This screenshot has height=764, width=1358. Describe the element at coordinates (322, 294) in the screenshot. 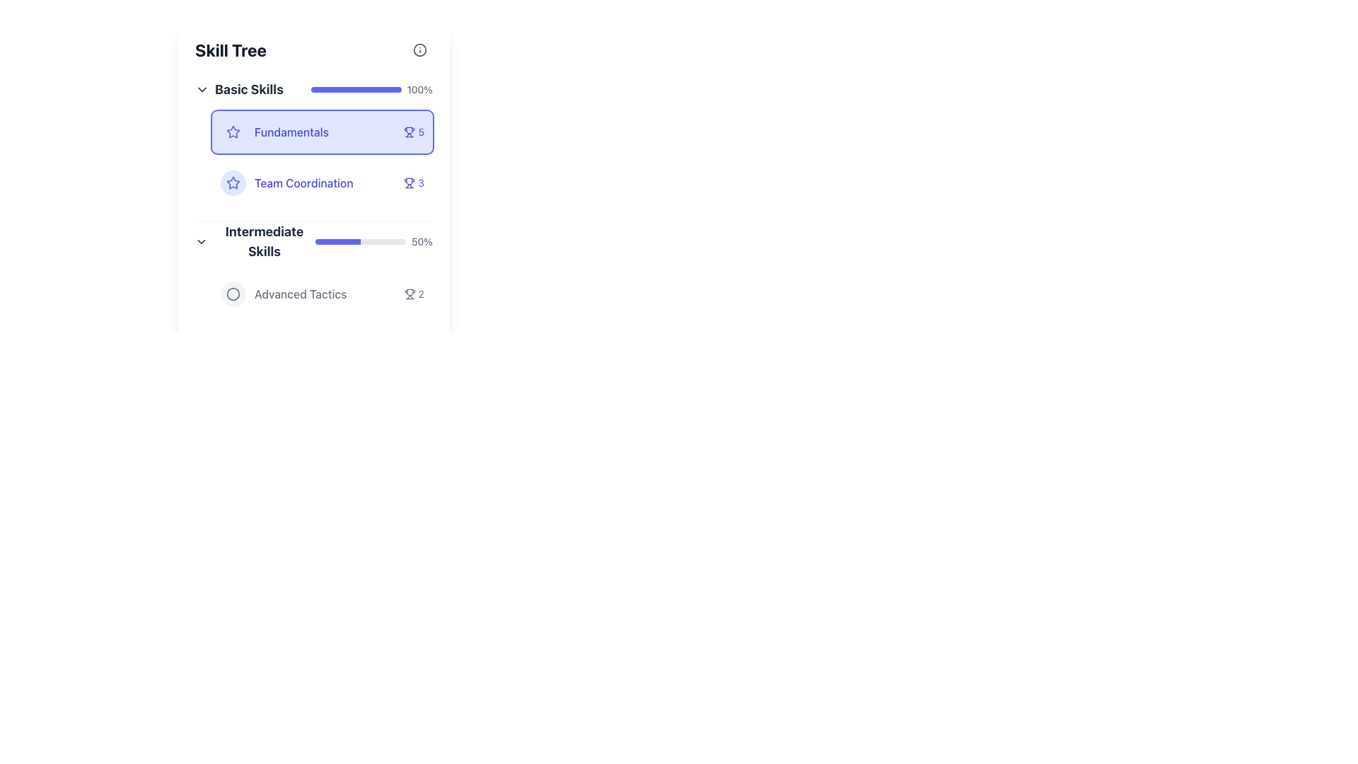

I see `the first list item in the 'Intermediate Skills' section, which displays 'Advanced Tactics' with a numerical progress indicator '2' and a trophy icon` at that location.